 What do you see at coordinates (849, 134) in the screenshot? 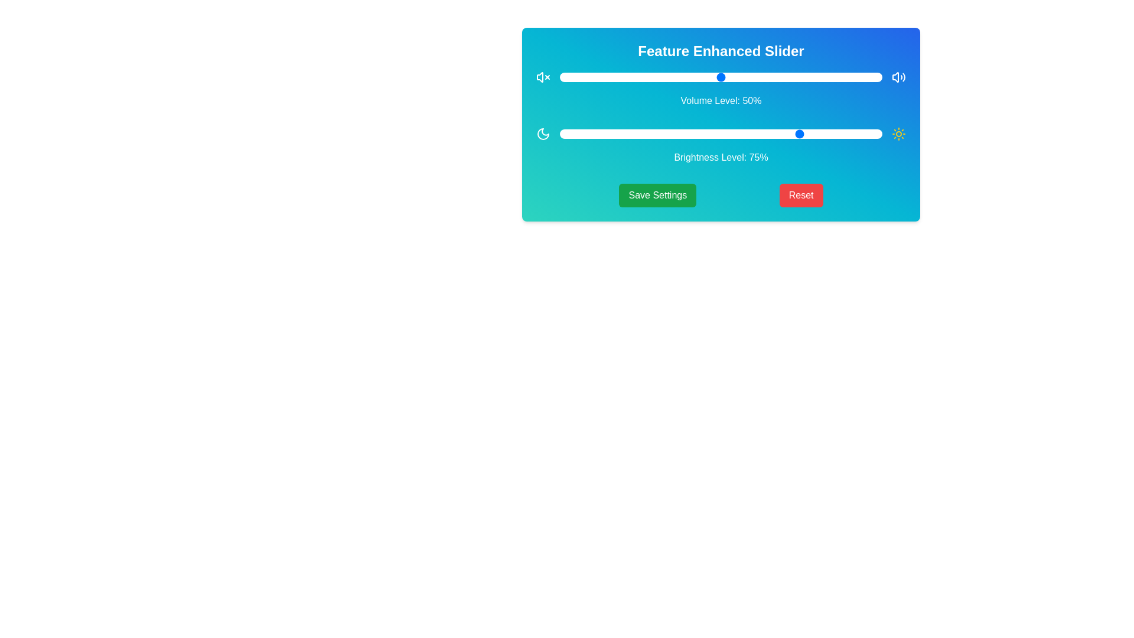
I see `brightness level` at bounding box center [849, 134].